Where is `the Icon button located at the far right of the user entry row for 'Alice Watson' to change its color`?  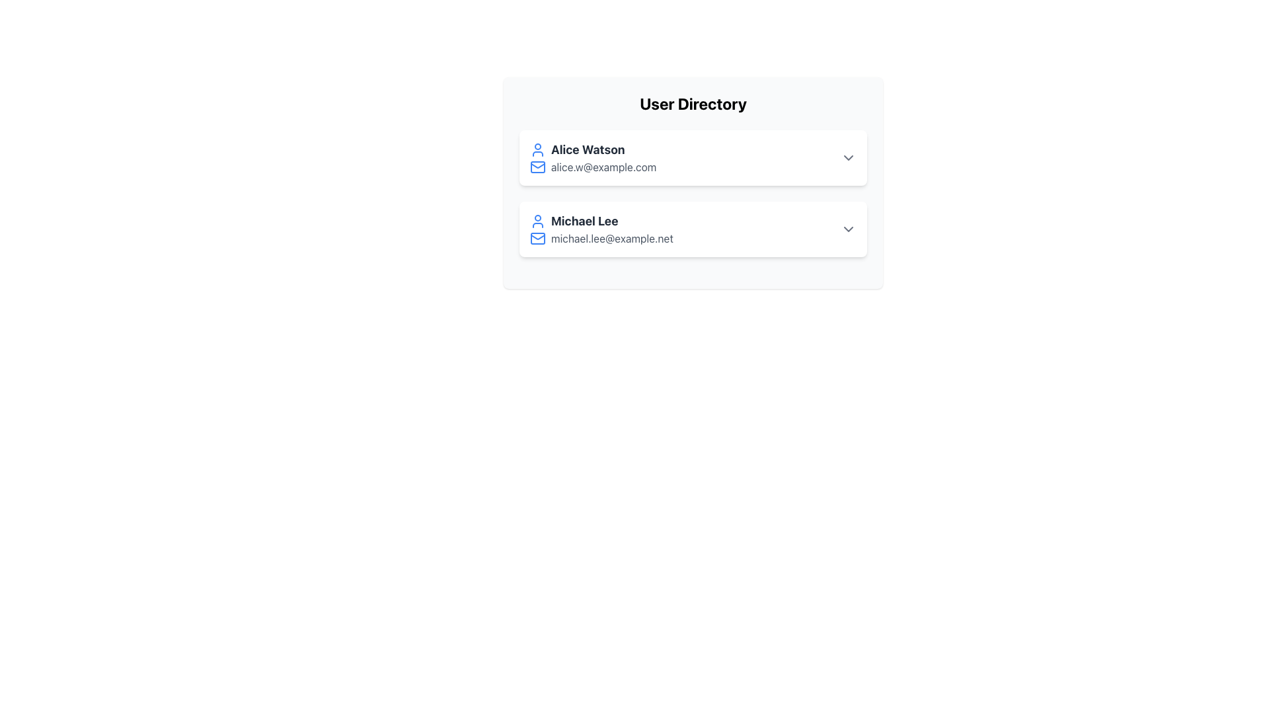 the Icon button located at the far right of the user entry row for 'Alice Watson' to change its color is located at coordinates (848, 157).